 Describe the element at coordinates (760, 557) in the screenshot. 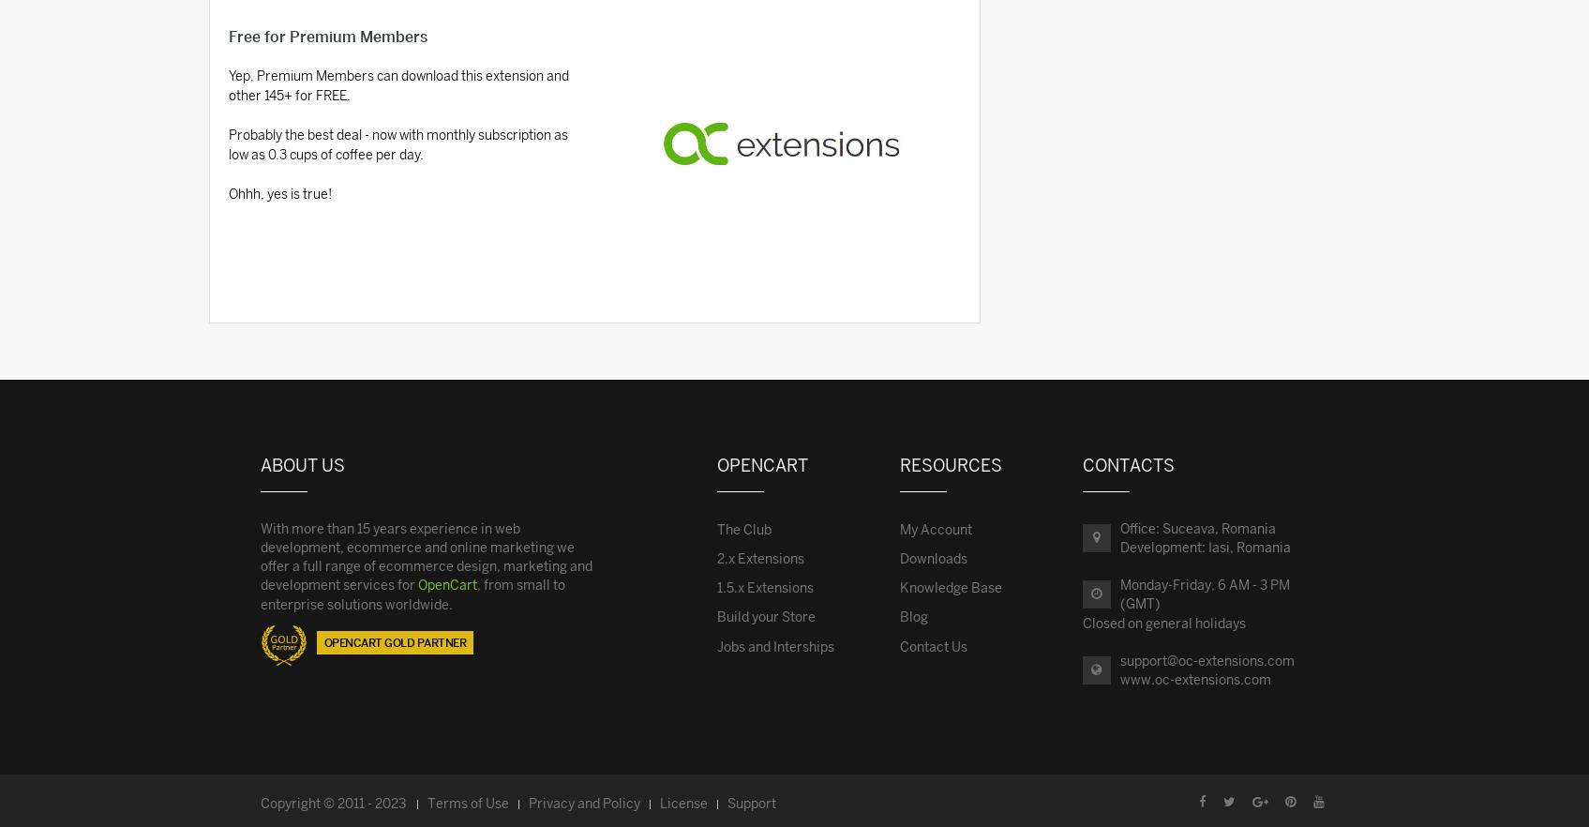

I see `'2.x Extensions'` at that location.